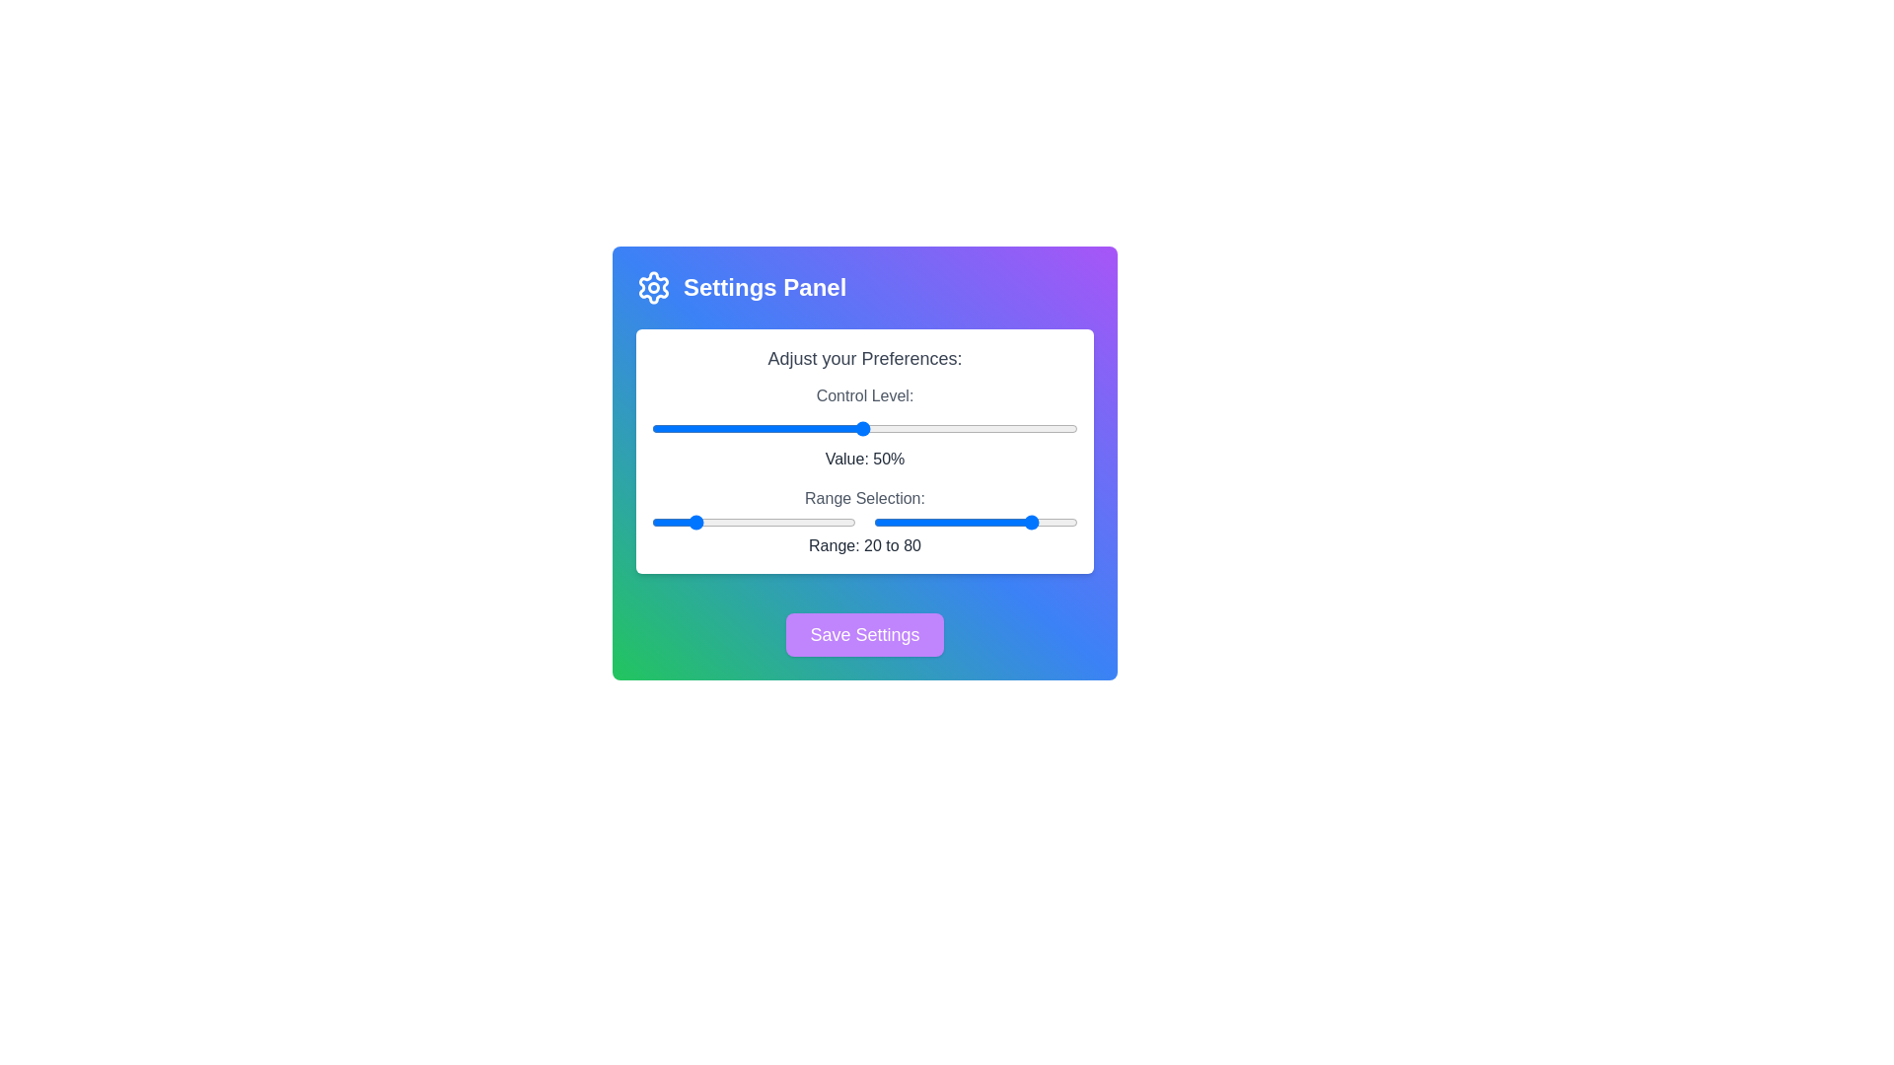  Describe the element at coordinates (759, 428) in the screenshot. I see `the slider value` at that location.